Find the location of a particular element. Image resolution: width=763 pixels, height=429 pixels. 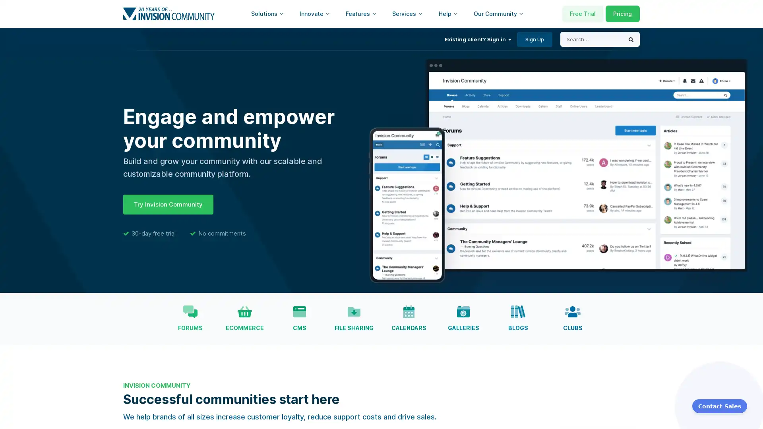

Services is located at coordinates (407, 14).